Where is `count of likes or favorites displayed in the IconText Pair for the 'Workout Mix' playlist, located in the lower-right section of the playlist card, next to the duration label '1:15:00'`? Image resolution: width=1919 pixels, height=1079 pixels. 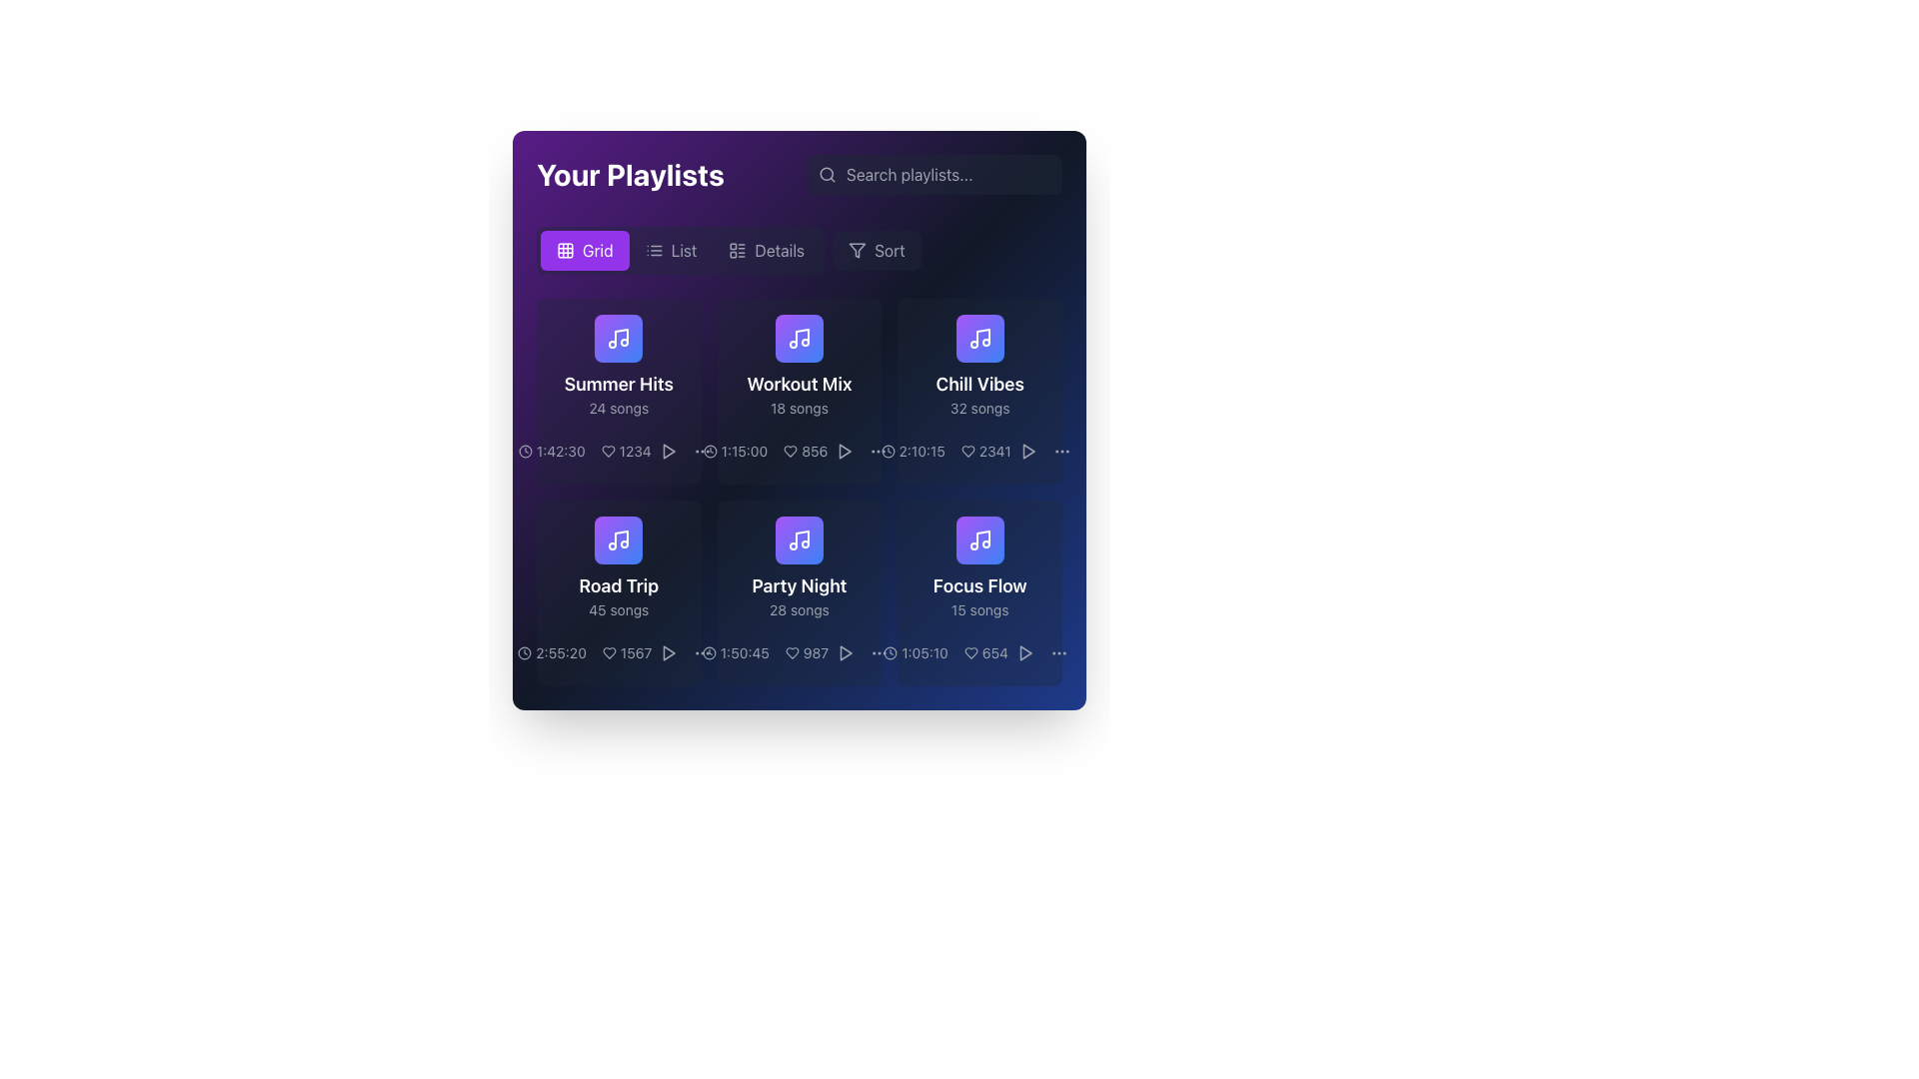
count of likes or favorites displayed in the IconText Pair for the 'Workout Mix' playlist, located in the lower-right section of the playlist card, next to the duration label '1:15:00' is located at coordinates (800, 451).